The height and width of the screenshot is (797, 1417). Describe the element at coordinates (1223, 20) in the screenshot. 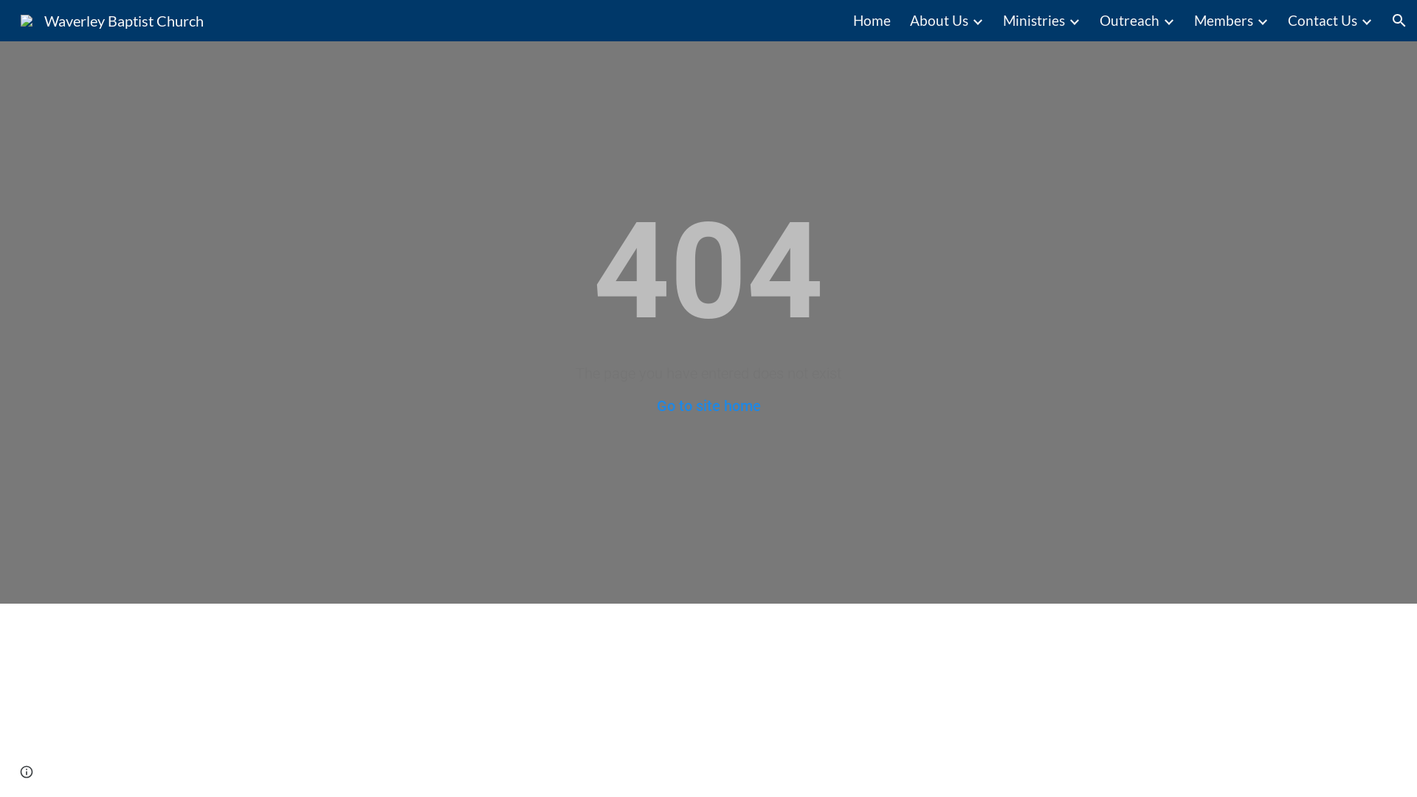

I see `'Members'` at that location.